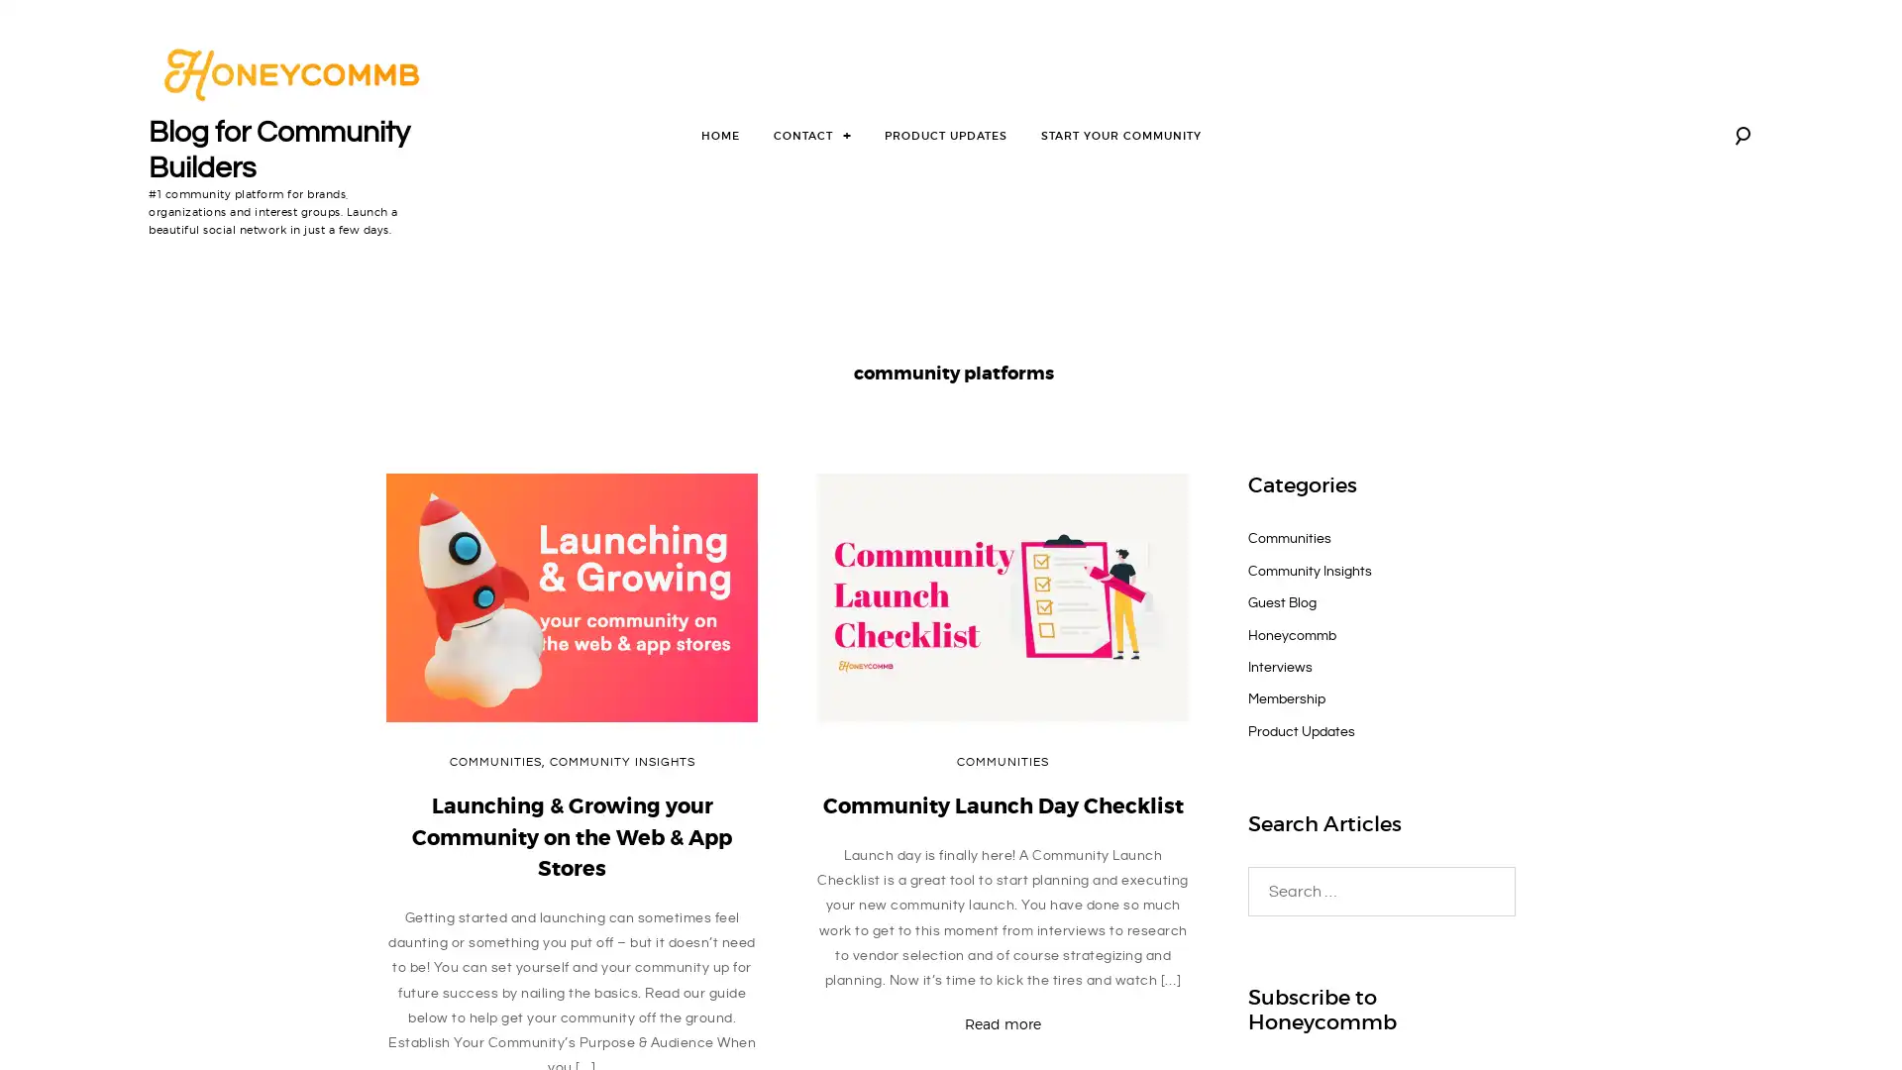 Image resolution: width=1902 pixels, height=1070 pixels. I want to click on Search, so click(1473, 898).